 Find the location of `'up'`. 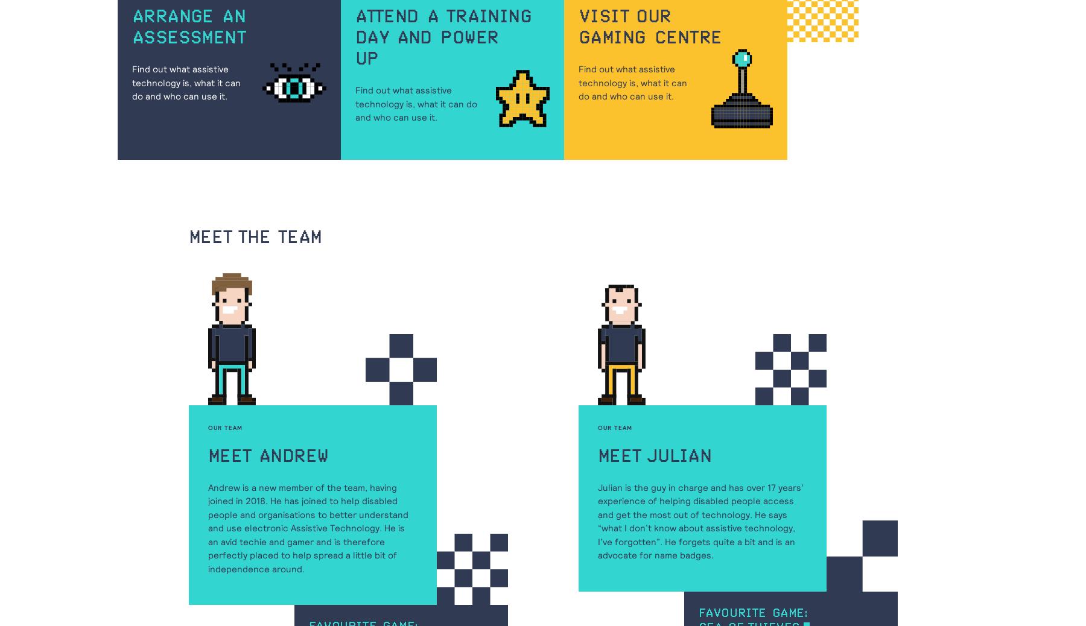

'up' is located at coordinates (355, 58).